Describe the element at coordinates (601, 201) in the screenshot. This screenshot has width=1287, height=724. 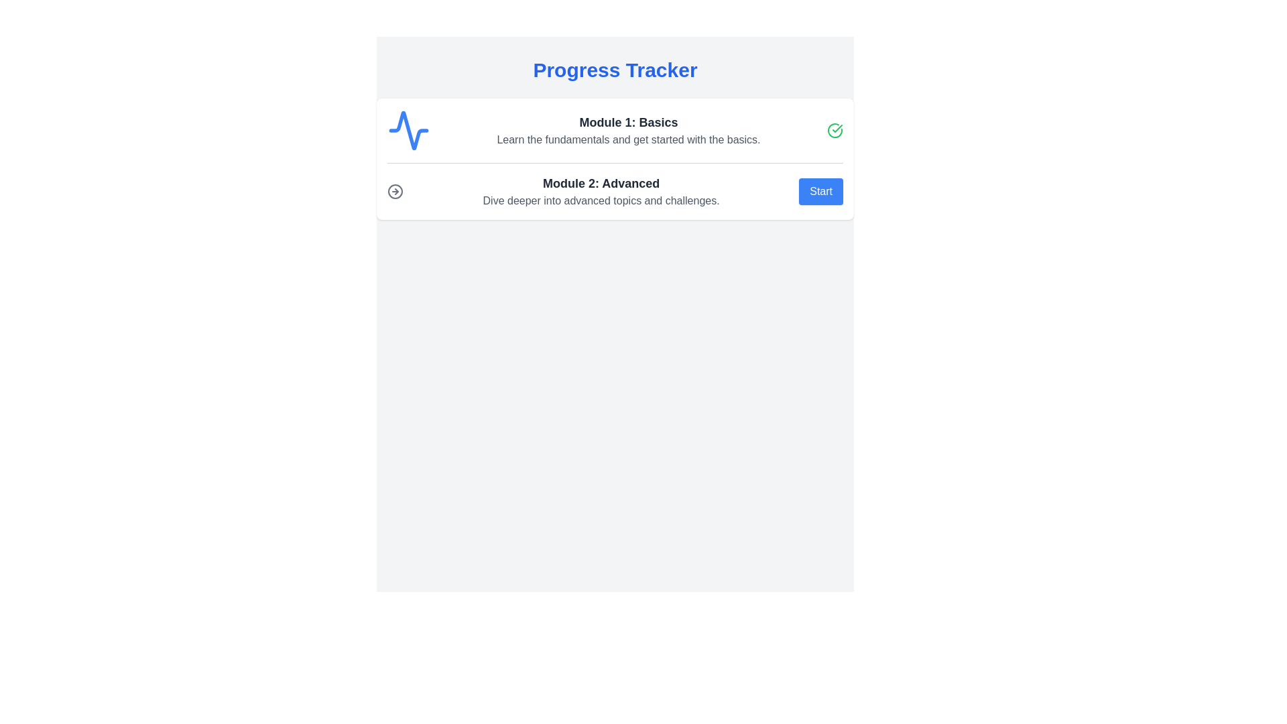
I see `informational text label located below the heading of 'Module 2: Advanced' in the Progress Tracker interface` at that location.